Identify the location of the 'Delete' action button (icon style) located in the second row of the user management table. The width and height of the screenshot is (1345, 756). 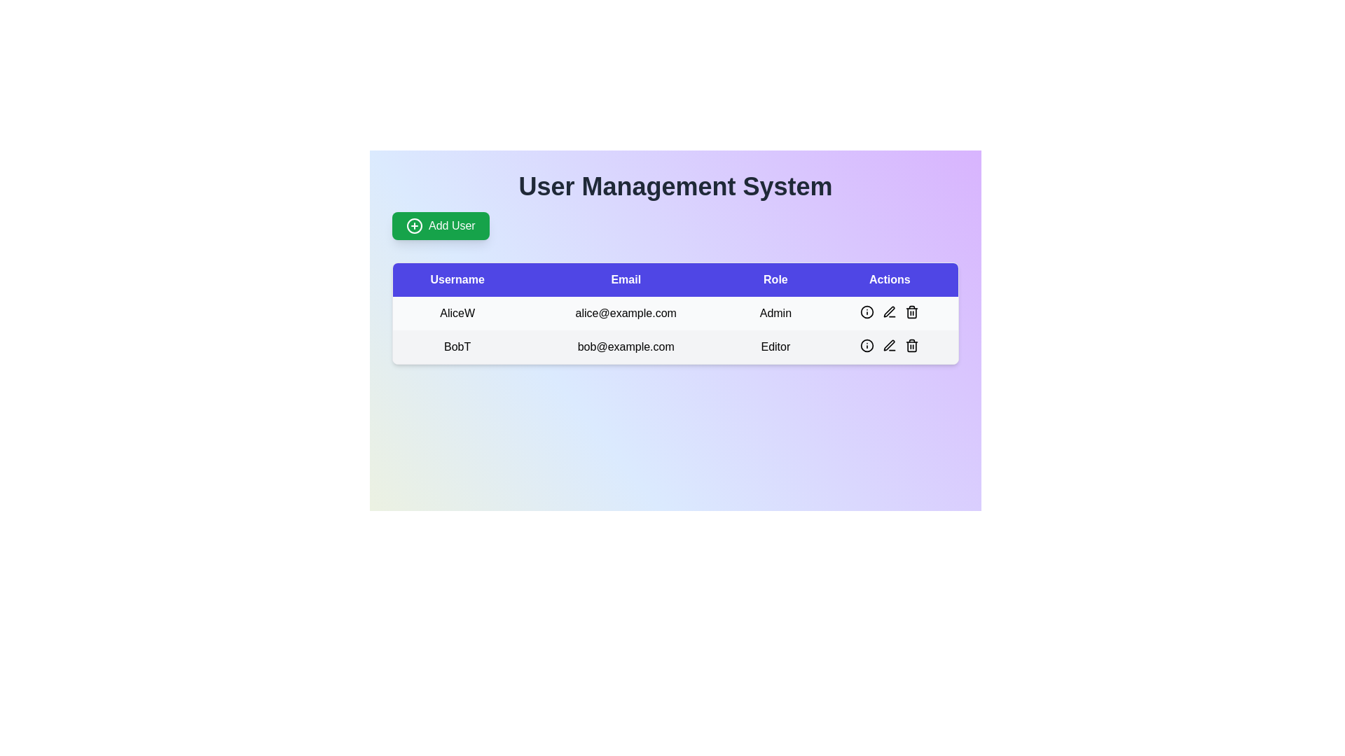
(912, 345).